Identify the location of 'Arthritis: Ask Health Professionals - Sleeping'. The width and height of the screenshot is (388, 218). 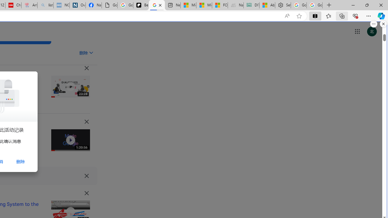
(29, 5).